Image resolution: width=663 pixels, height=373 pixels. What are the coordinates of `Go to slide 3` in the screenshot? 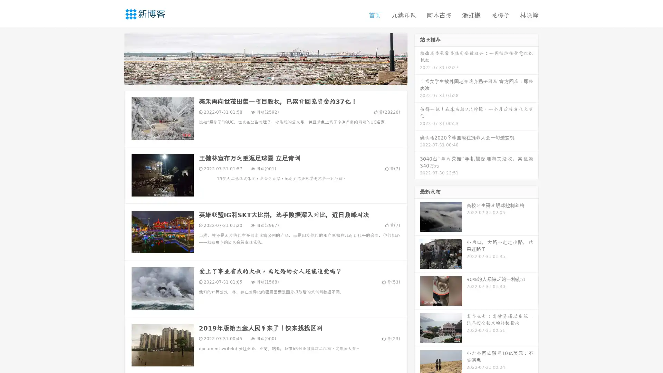 It's located at (272, 78).